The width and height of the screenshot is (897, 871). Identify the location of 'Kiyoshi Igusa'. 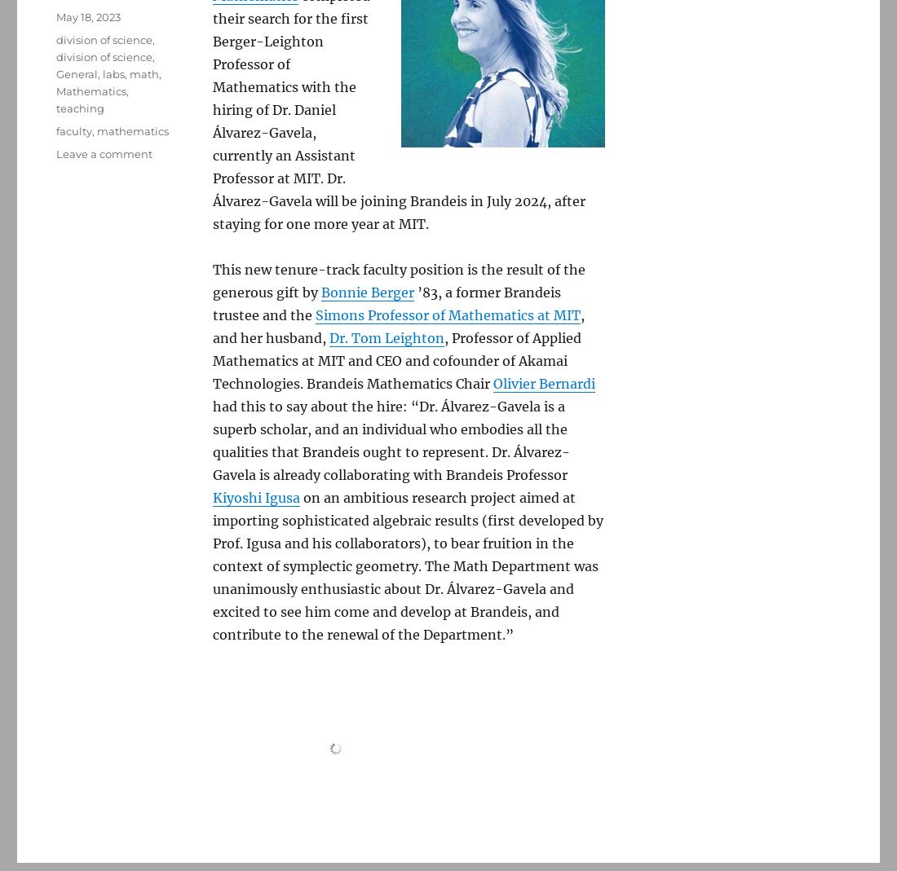
(255, 498).